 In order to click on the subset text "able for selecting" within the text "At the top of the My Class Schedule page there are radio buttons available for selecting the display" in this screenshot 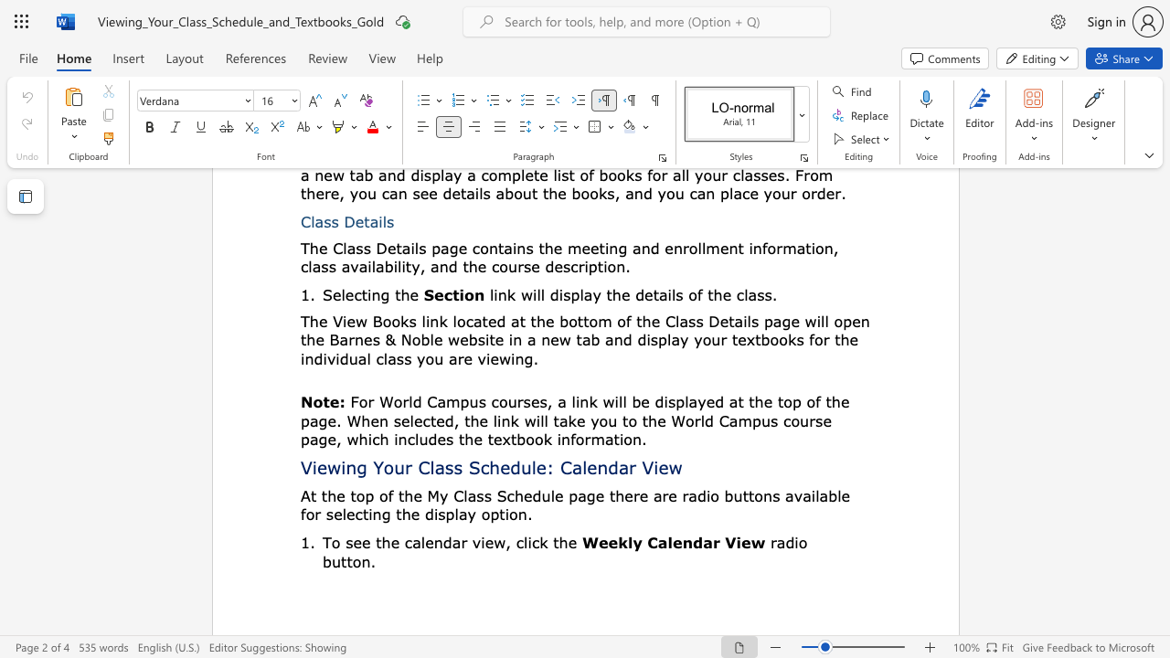, I will do `click(818, 495)`.